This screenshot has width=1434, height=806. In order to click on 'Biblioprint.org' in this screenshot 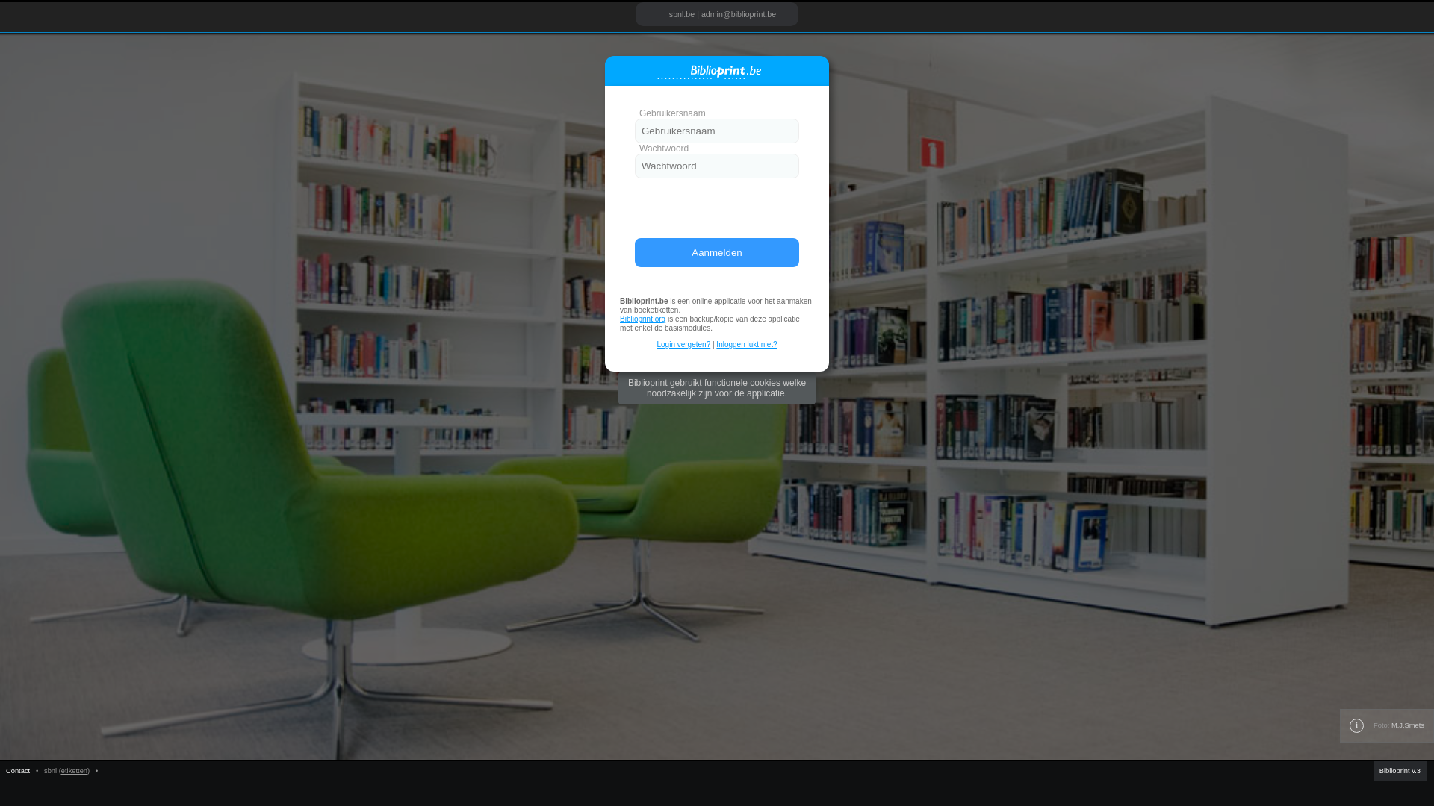, I will do `click(642, 318)`.